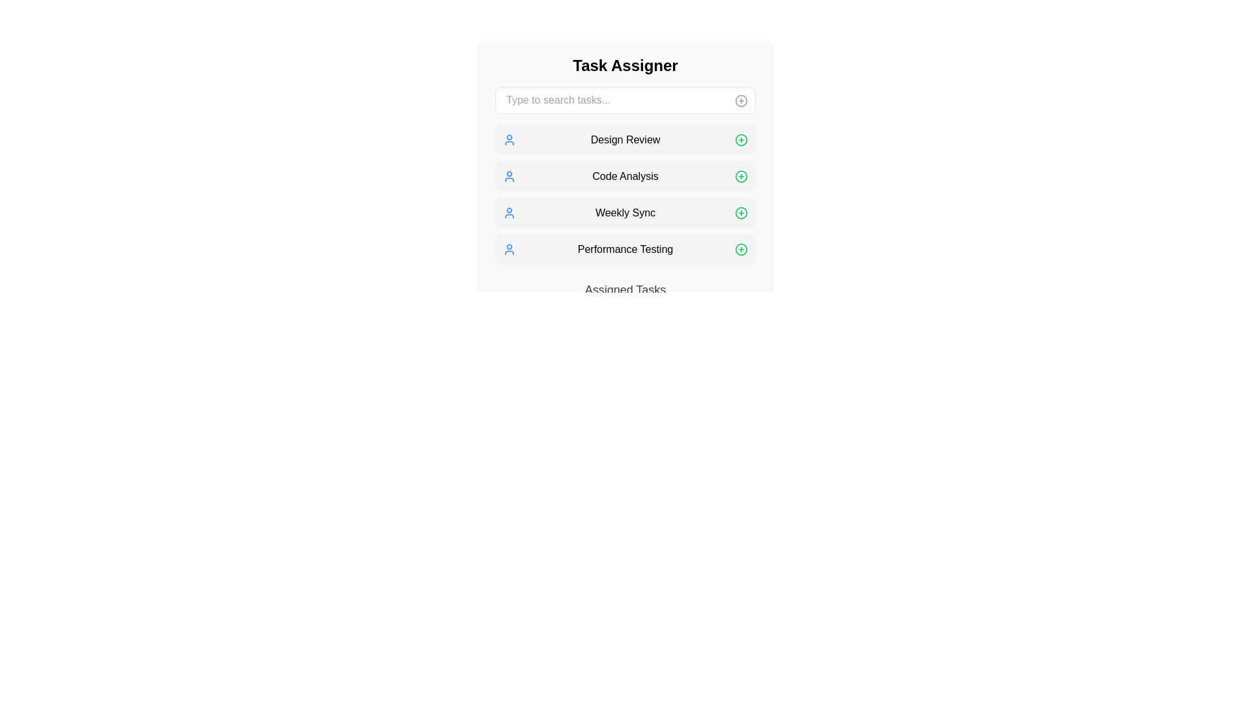  Describe the element at coordinates (741, 140) in the screenshot. I see `the small green circular icon with a plus symbol inside, located at the far right of the 'Design Review' task row` at that location.